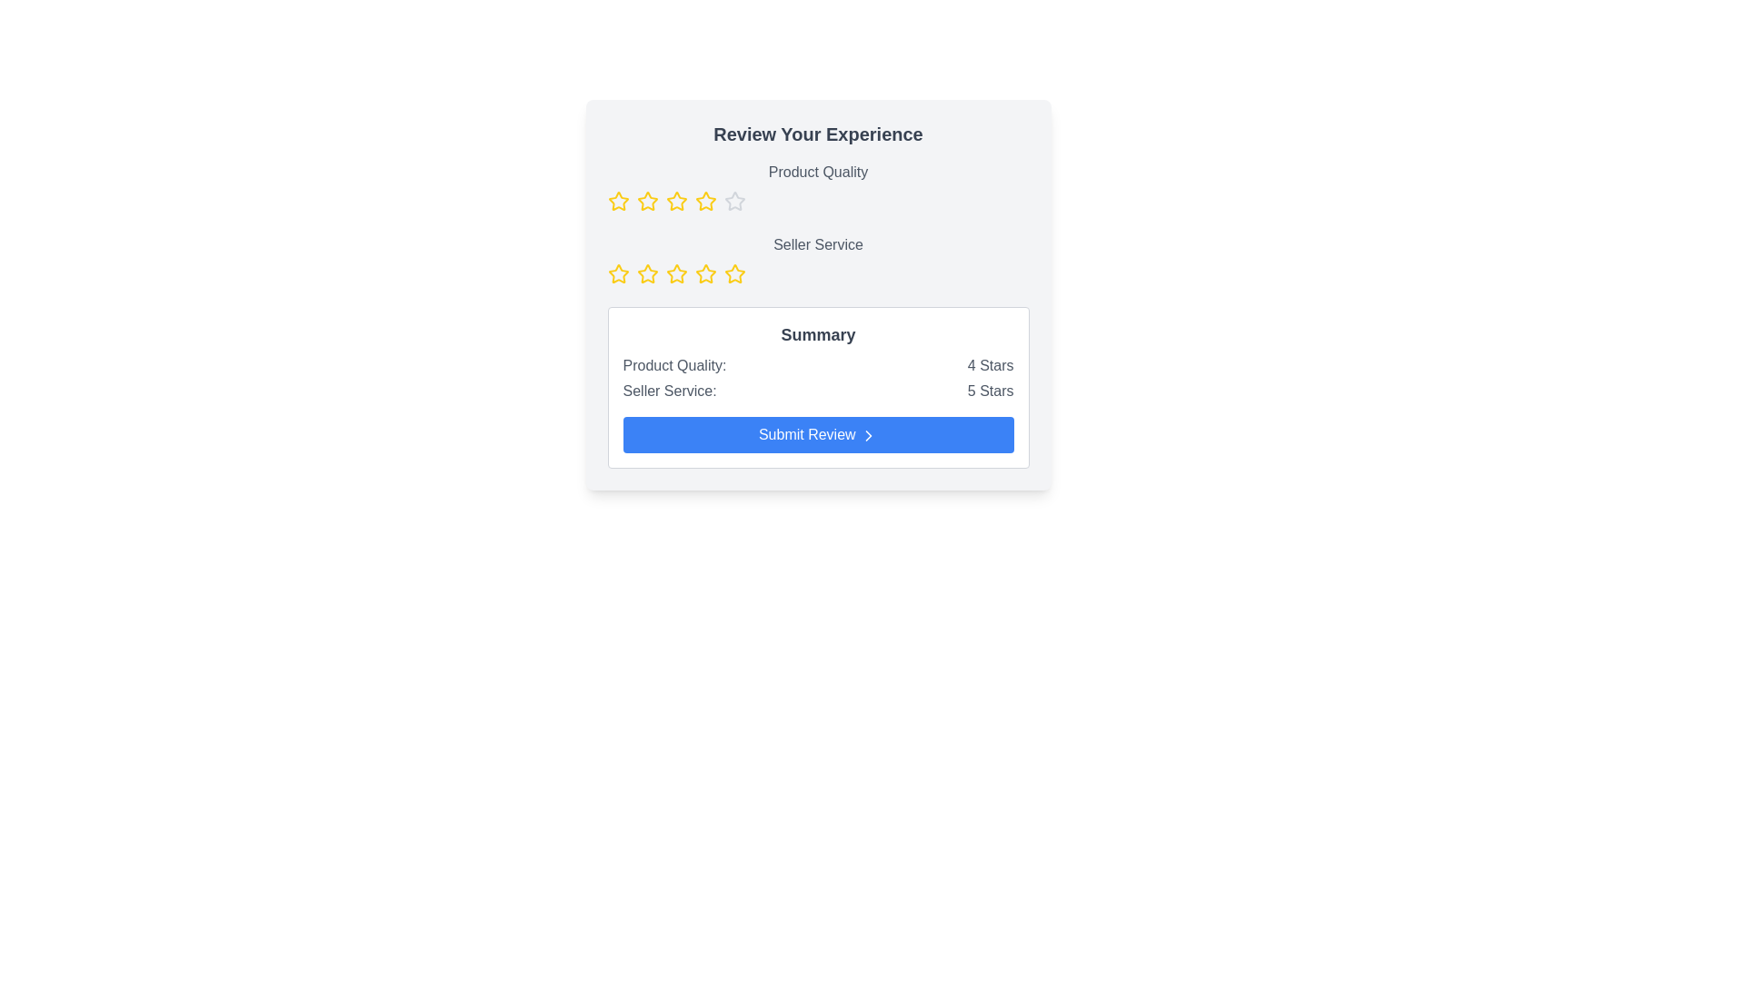 This screenshot has width=1745, height=981. What do you see at coordinates (647, 202) in the screenshot?
I see `the third star icon in the horizontal row of five stars representing the 'Product Quality' rating` at bounding box center [647, 202].